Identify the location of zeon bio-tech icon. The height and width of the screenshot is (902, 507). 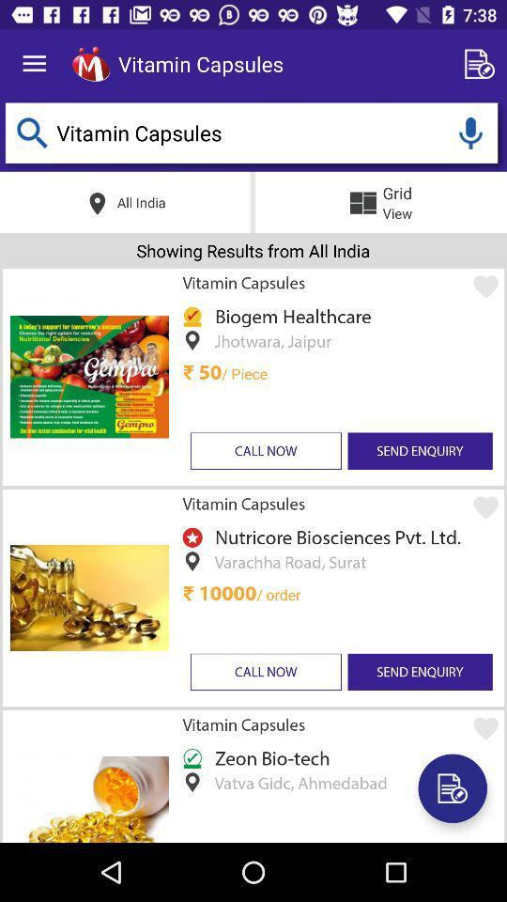
(269, 757).